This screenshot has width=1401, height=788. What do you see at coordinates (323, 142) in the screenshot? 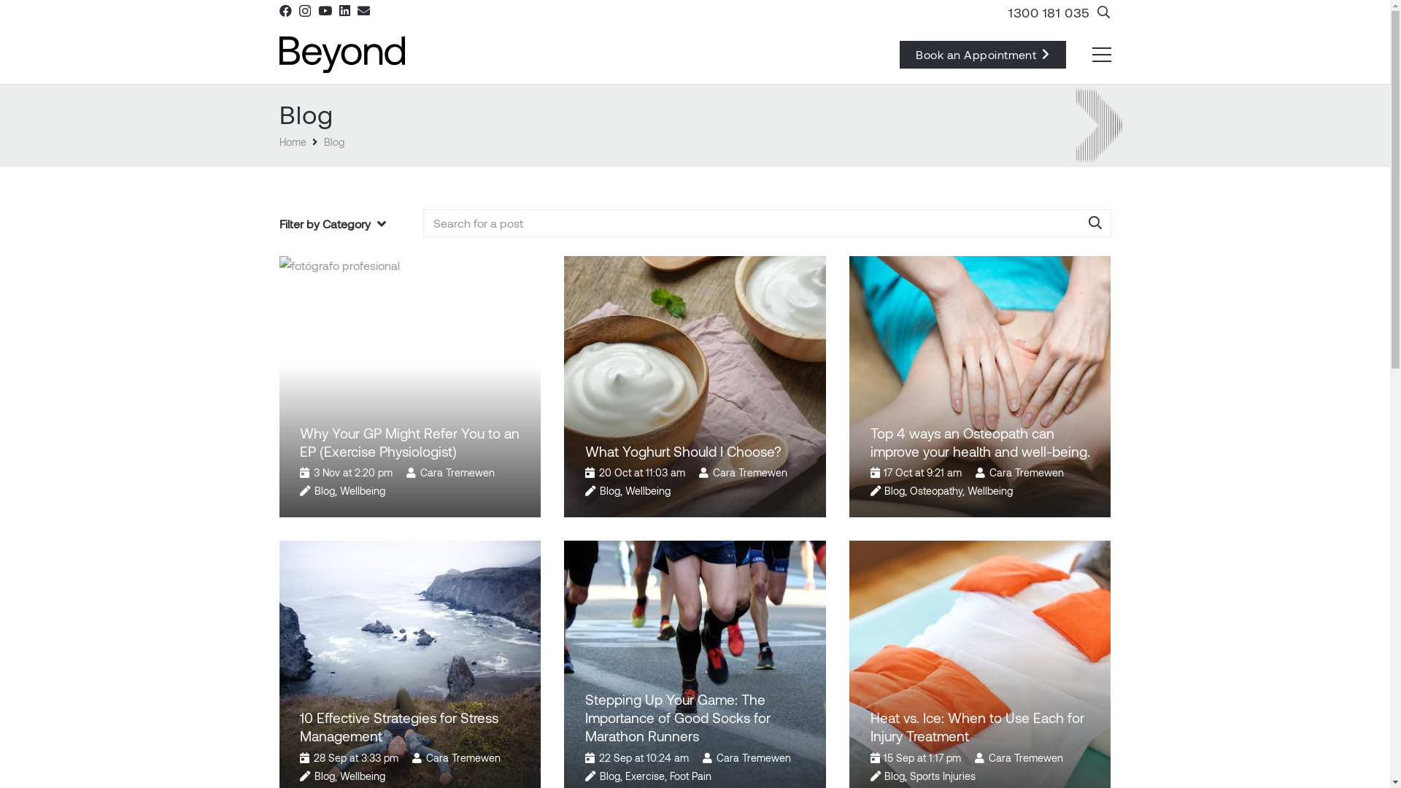
I see `'Blog'` at bounding box center [323, 142].